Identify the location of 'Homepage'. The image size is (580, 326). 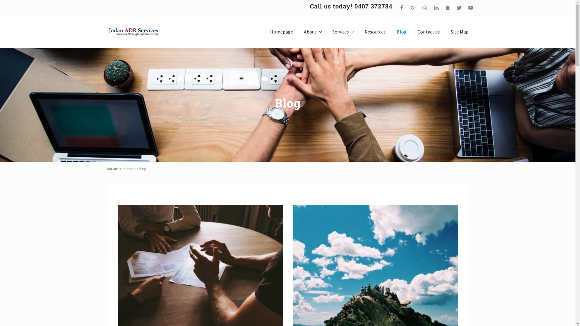
(281, 31).